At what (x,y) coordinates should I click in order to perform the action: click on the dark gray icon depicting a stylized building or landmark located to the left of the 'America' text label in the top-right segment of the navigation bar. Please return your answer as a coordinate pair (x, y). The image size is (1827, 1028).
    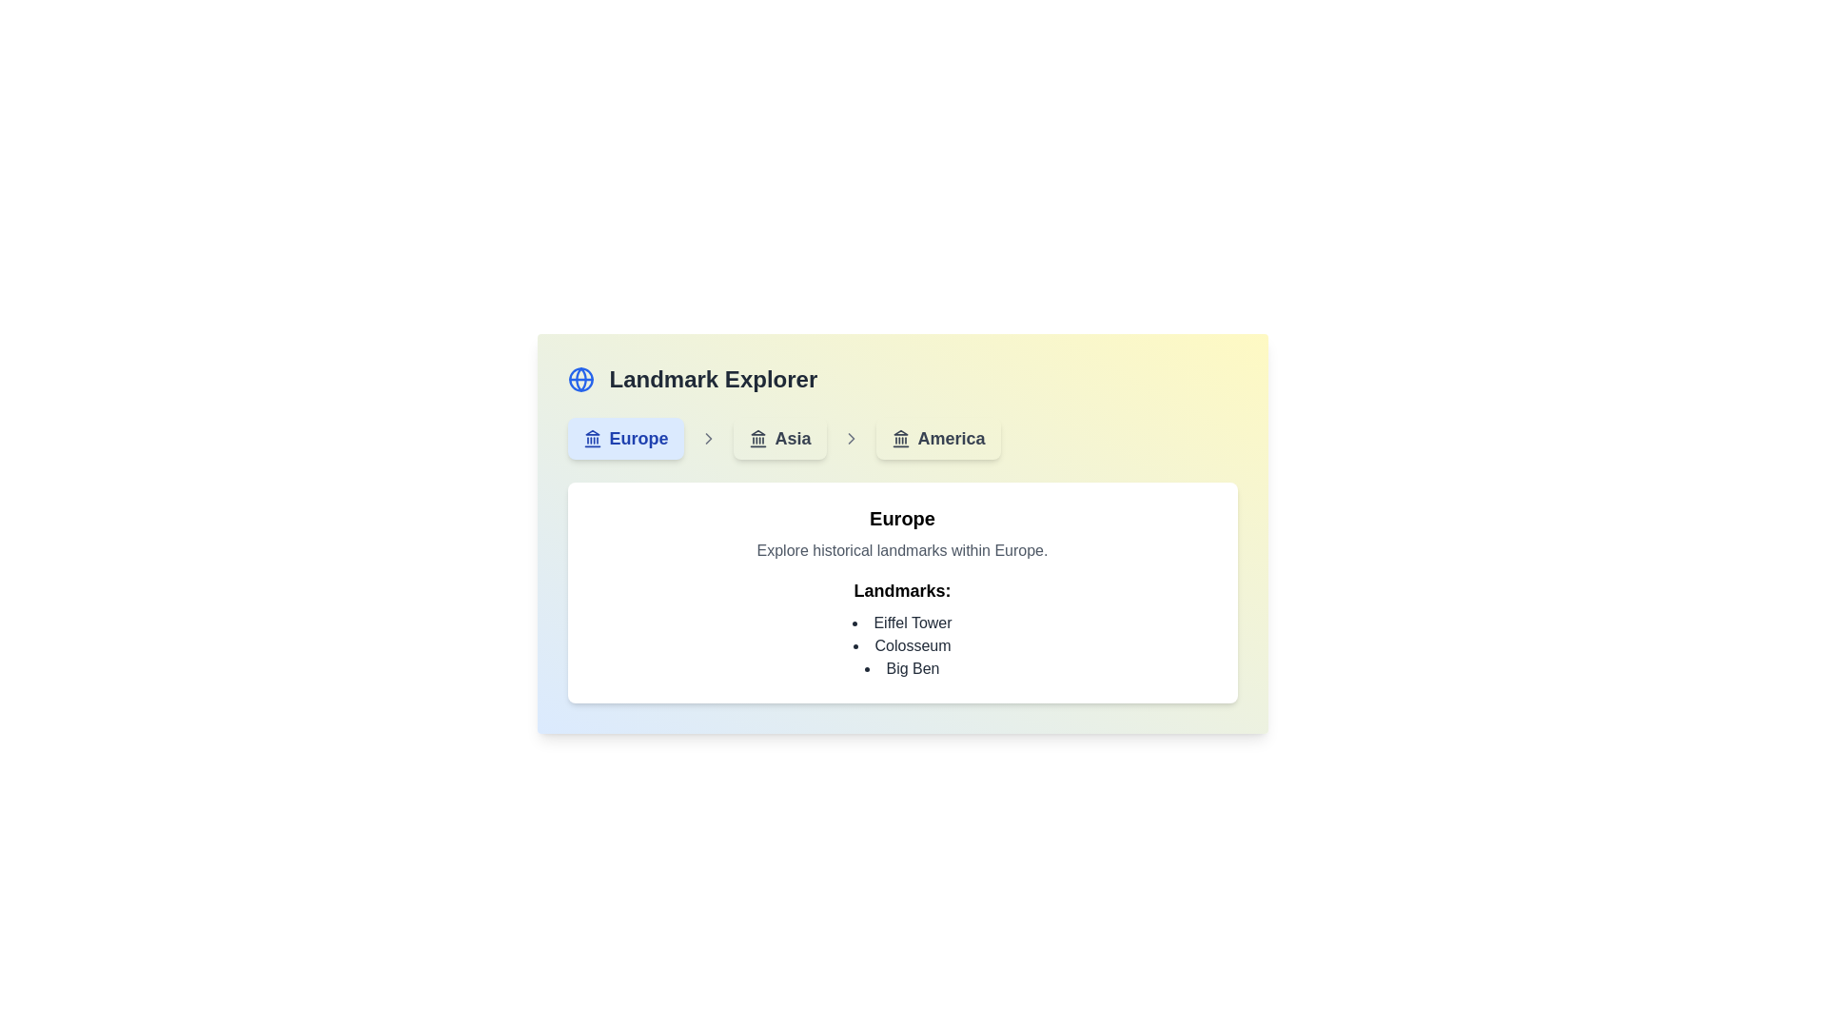
    Looking at the image, I should click on (899, 439).